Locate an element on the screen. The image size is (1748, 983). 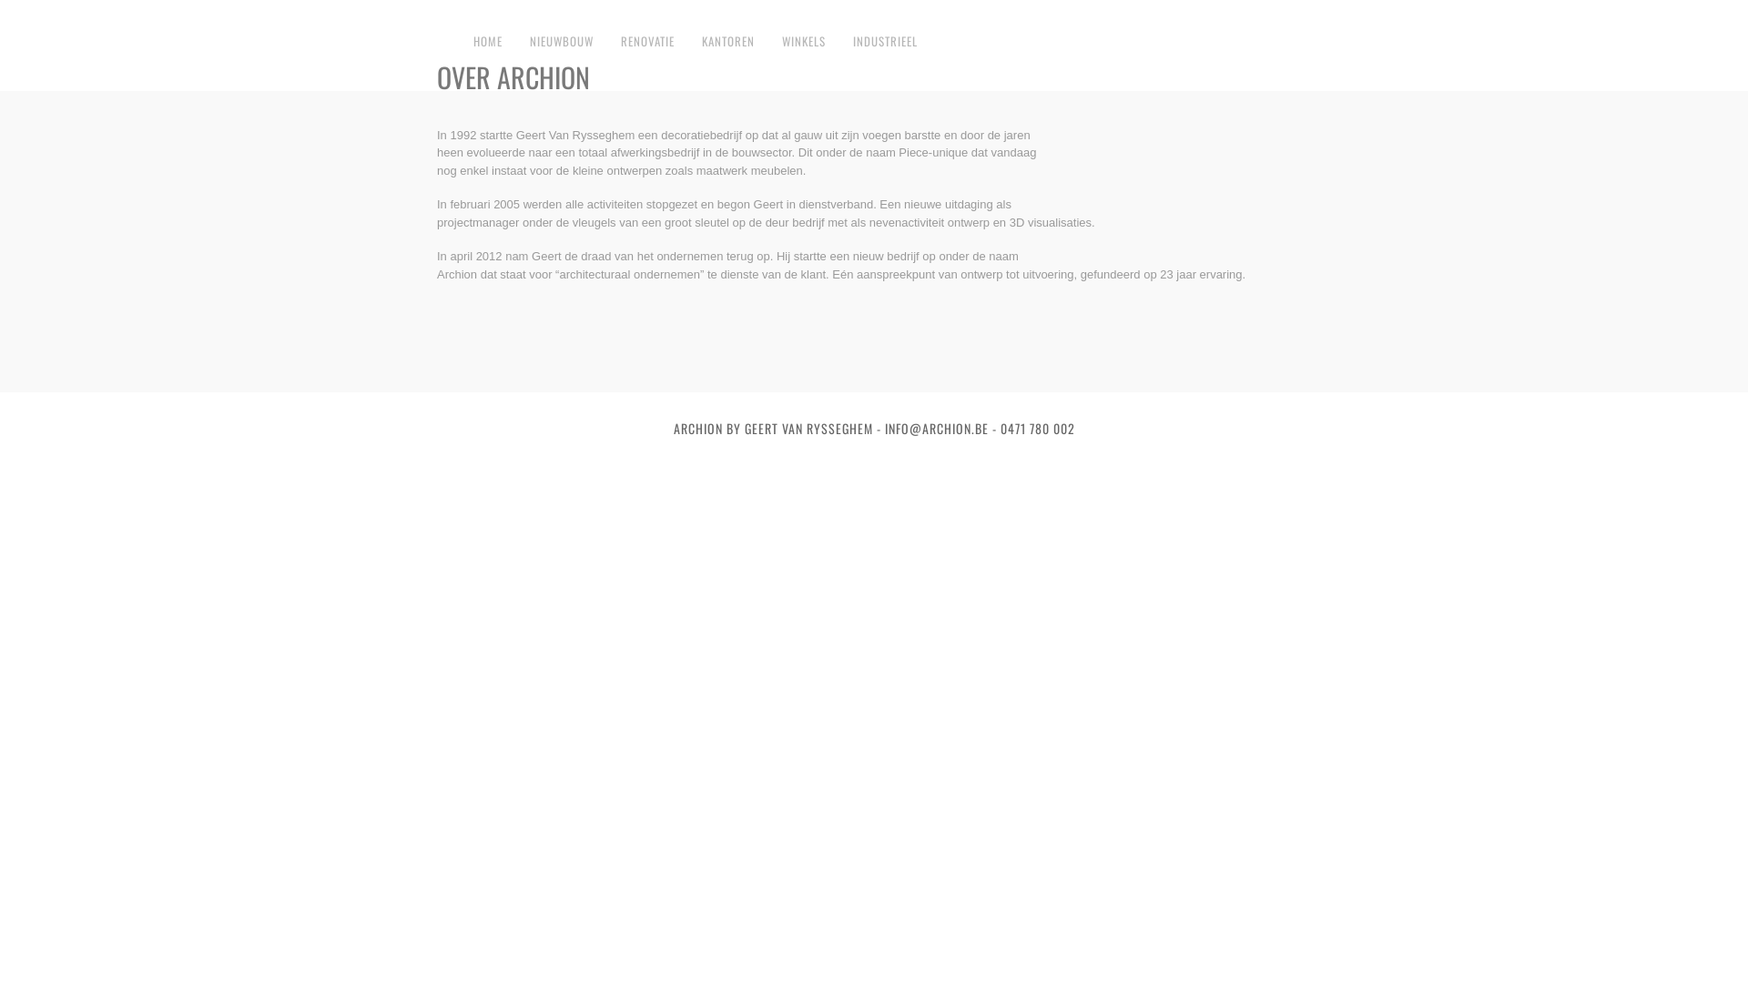
'KANTOREN' is located at coordinates (728, 41).